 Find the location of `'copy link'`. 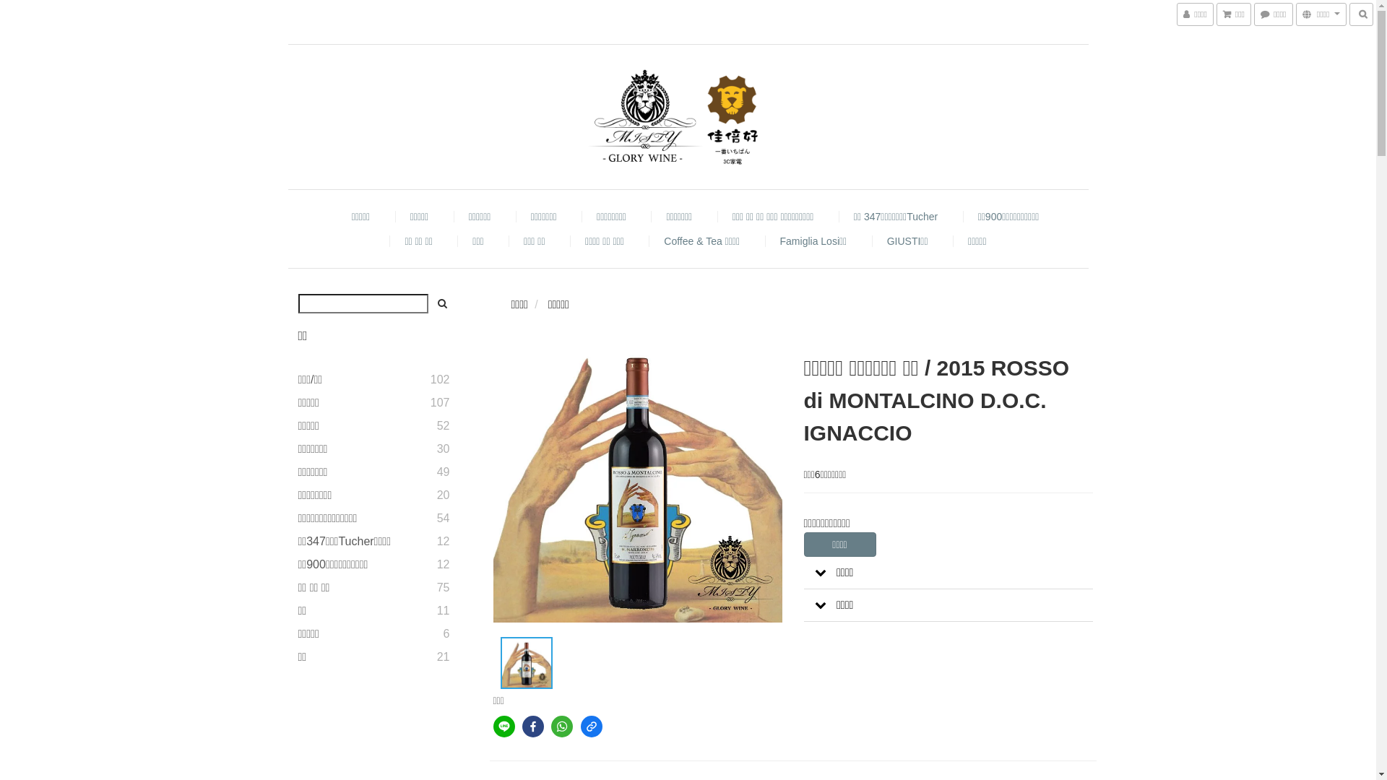

'copy link' is located at coordinates (592, 727).